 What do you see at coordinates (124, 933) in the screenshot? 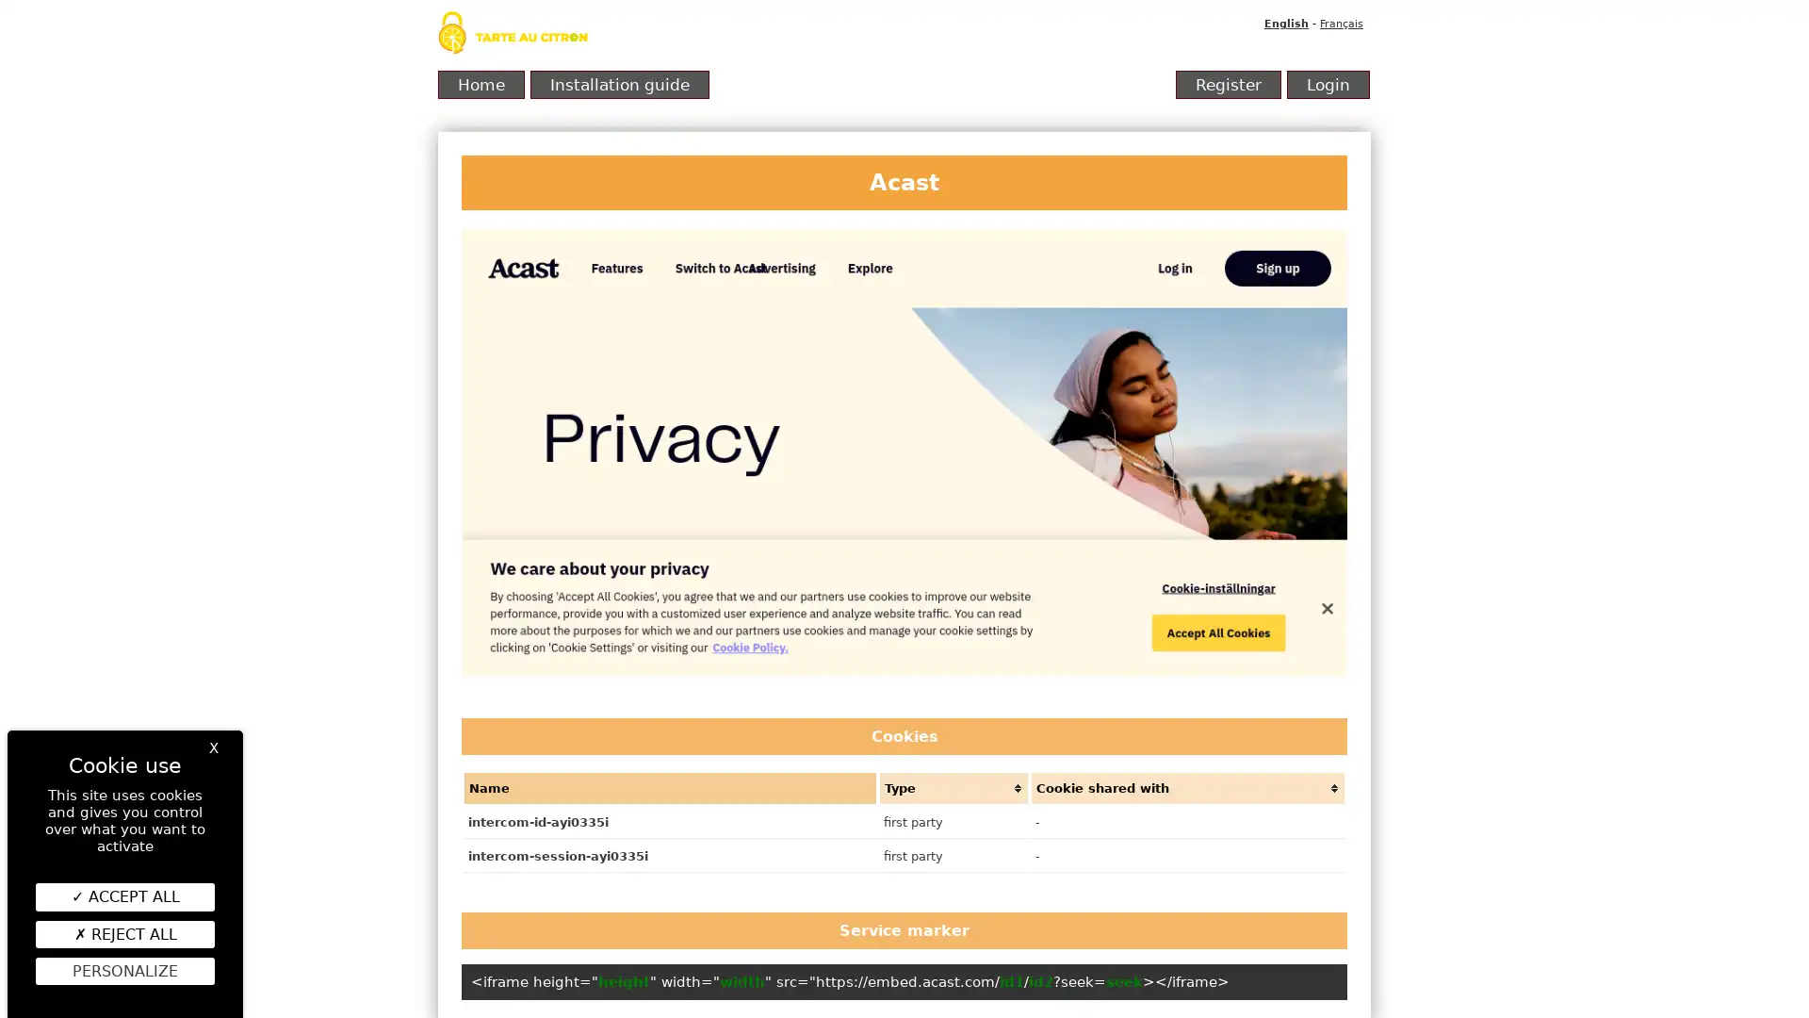
I see `REJECT ALL` at bounding box center [124, 933].